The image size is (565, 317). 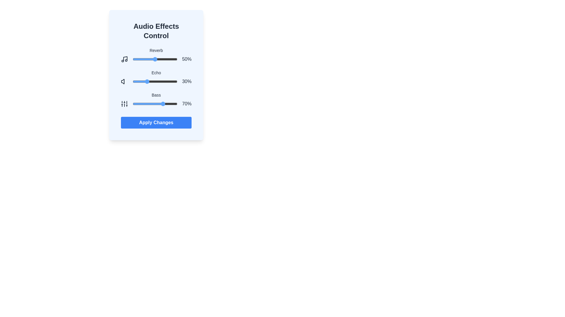 I want to click on the blue-themed slider control indicating a value of 30 out of 100, so click(x=155, y=81).